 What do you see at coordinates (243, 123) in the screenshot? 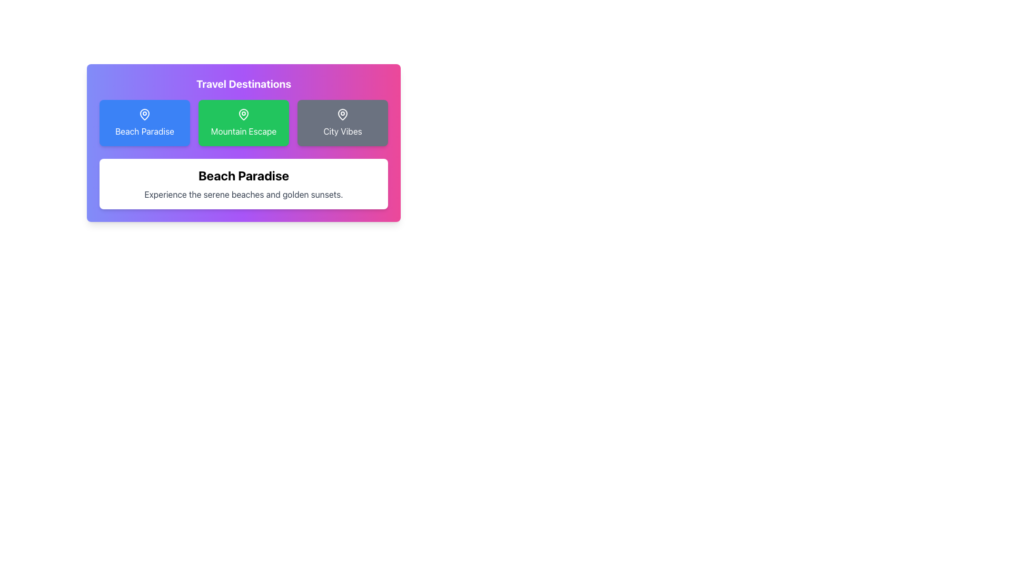
I see `the 'Mountain Escape' button, which is a rectangular button with a green background and white text, located in the central column of the grid under the 'Travel Destinations' heading` at bounding box center [243, 123].